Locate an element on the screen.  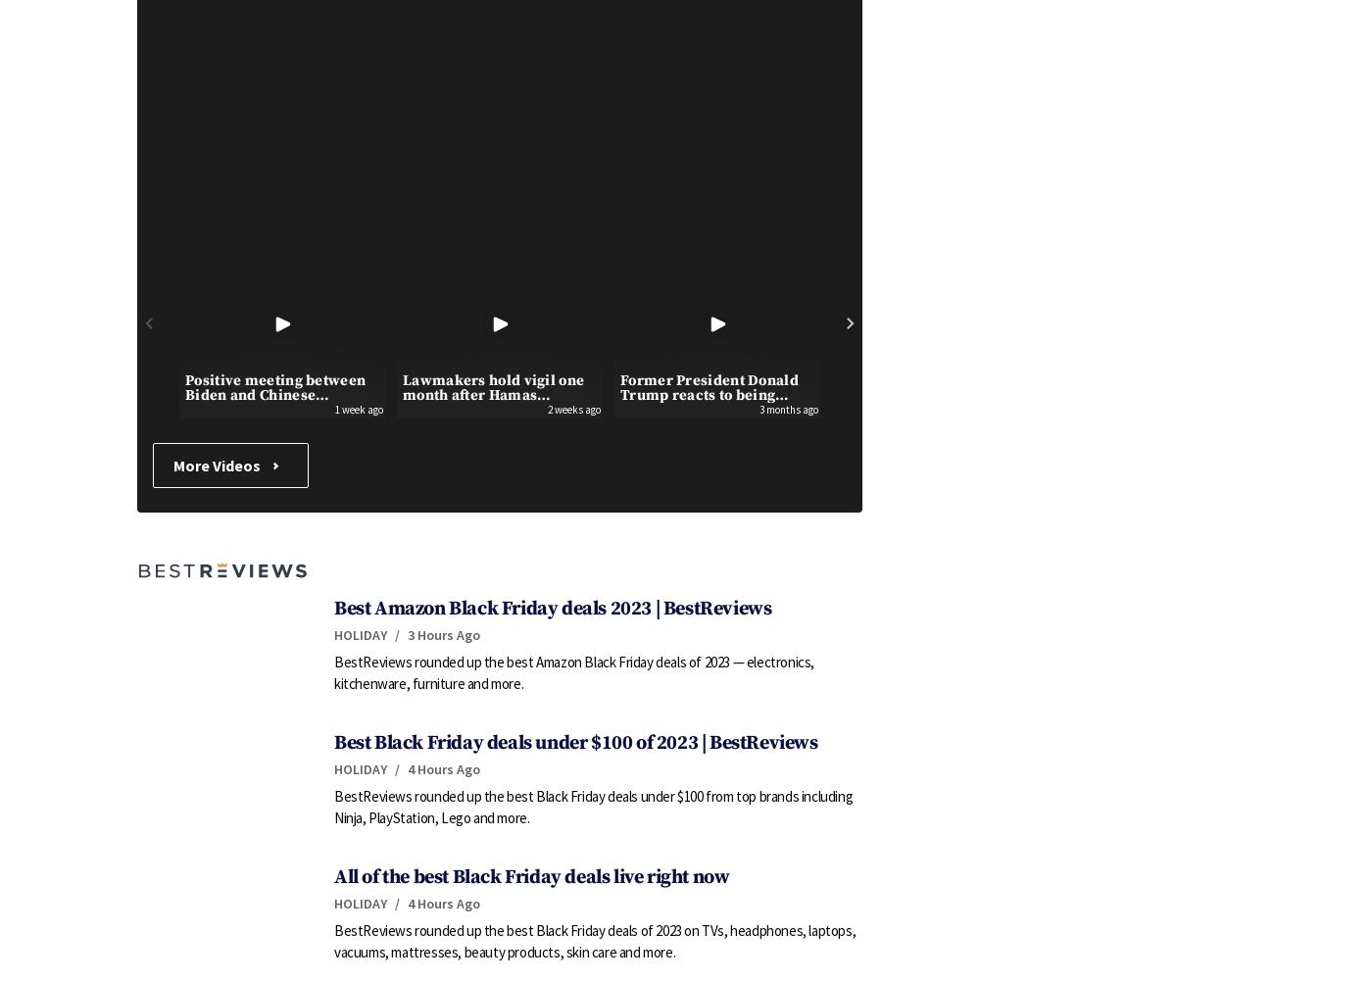
'More Videos' is located at coordinates (219, 465).